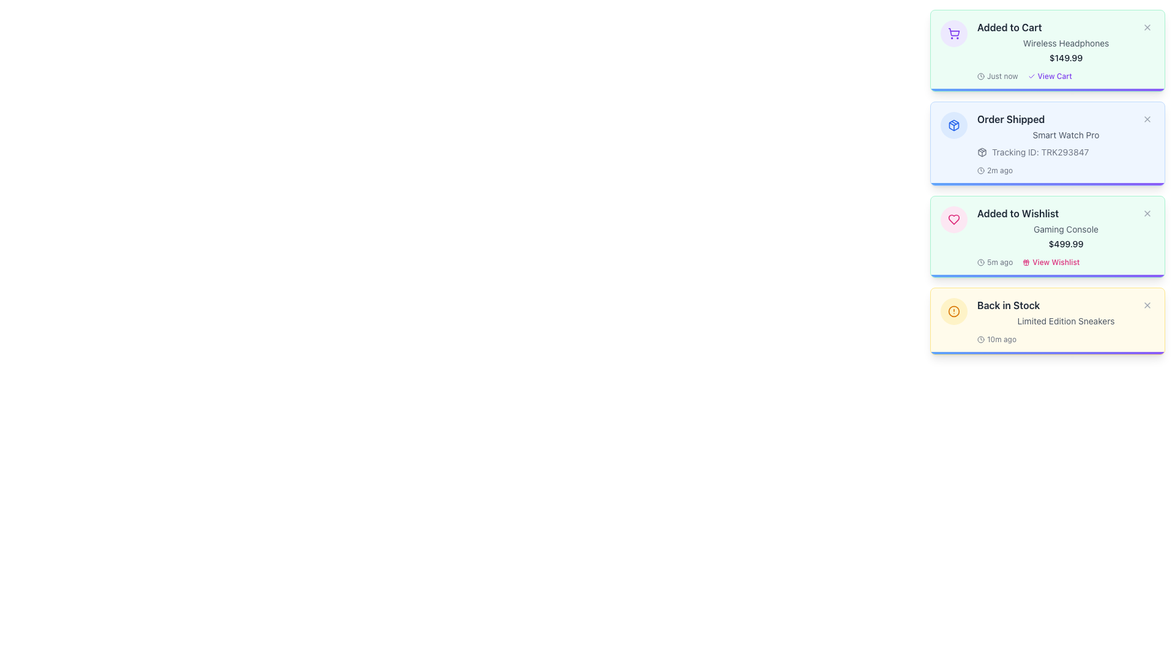 The width and height of the screenshot is (1175, 661). Describe the element at coordinates (1040, 152) in the screenshot. I see `the Text label displaying 'Tracking ID: TRK293847', which is styled in light gray and located adjacent to a package icon` at that location.